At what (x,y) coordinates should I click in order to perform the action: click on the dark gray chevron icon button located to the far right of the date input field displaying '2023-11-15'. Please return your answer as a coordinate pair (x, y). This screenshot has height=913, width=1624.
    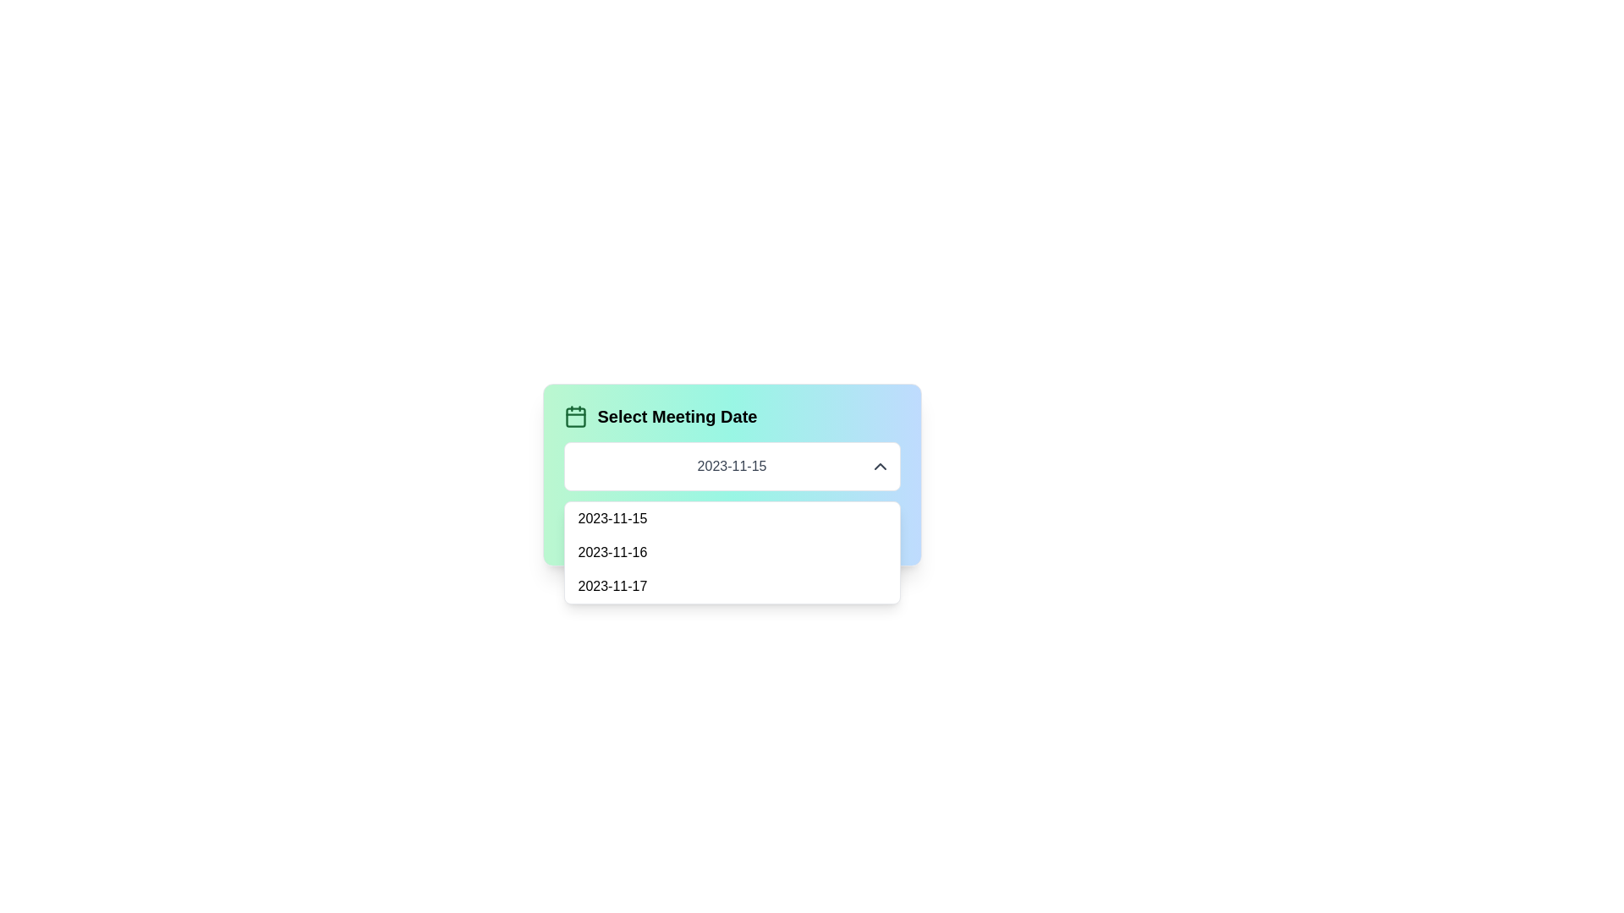
    Looking at the image, I should click on (880, 466).